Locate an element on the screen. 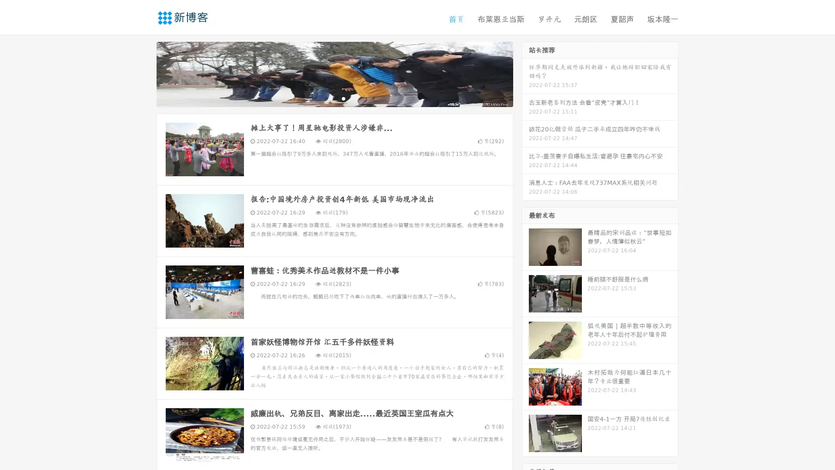 The height and width of the screenshot is (470, 835). Go to slide 2 is located at coordinates (334, 98).